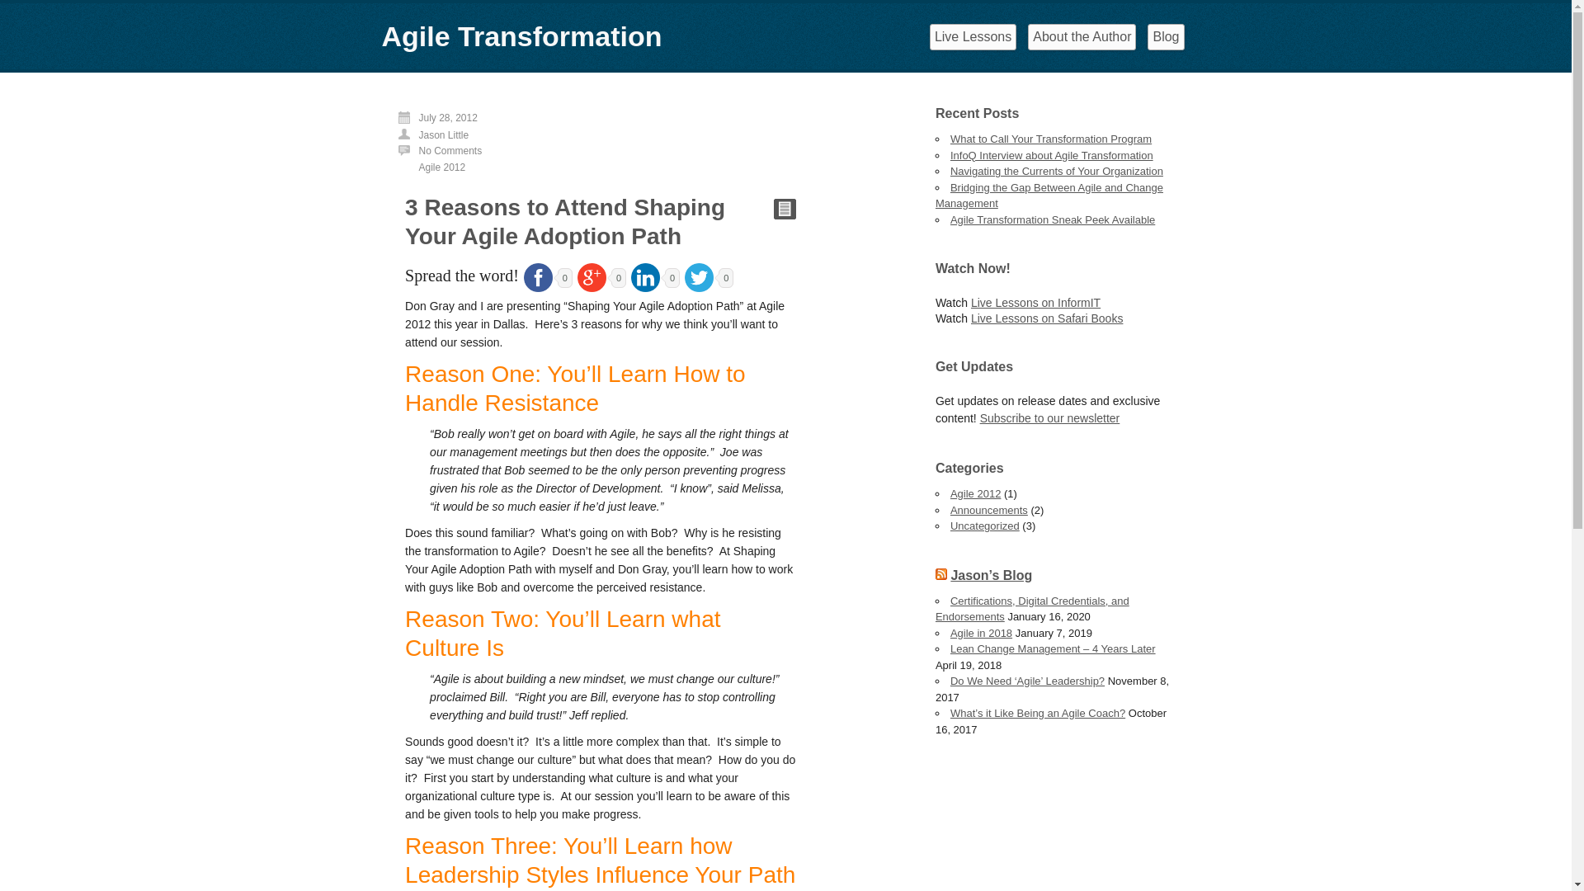 The height and width of the screenshot is (891, 1584). What do you see at coordinates (699, 276) in the screenshot?
I see `'Twitter'` at bounding box center [699, 276].